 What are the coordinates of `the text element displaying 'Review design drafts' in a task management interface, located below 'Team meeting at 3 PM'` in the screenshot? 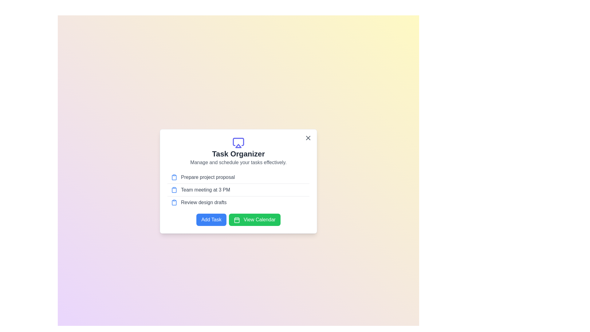 It's located at (204, 203).